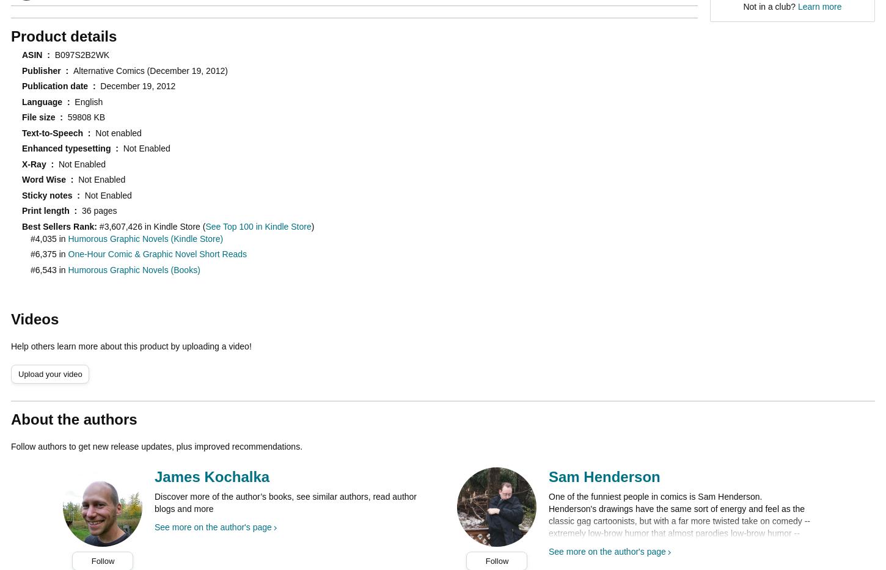 This screenshot has height=570, width=886. Describe the element at coordinates (144, 238) in the screenshot. I see `'Humorous Graphic Novels (Kindle Store)'` at that location.